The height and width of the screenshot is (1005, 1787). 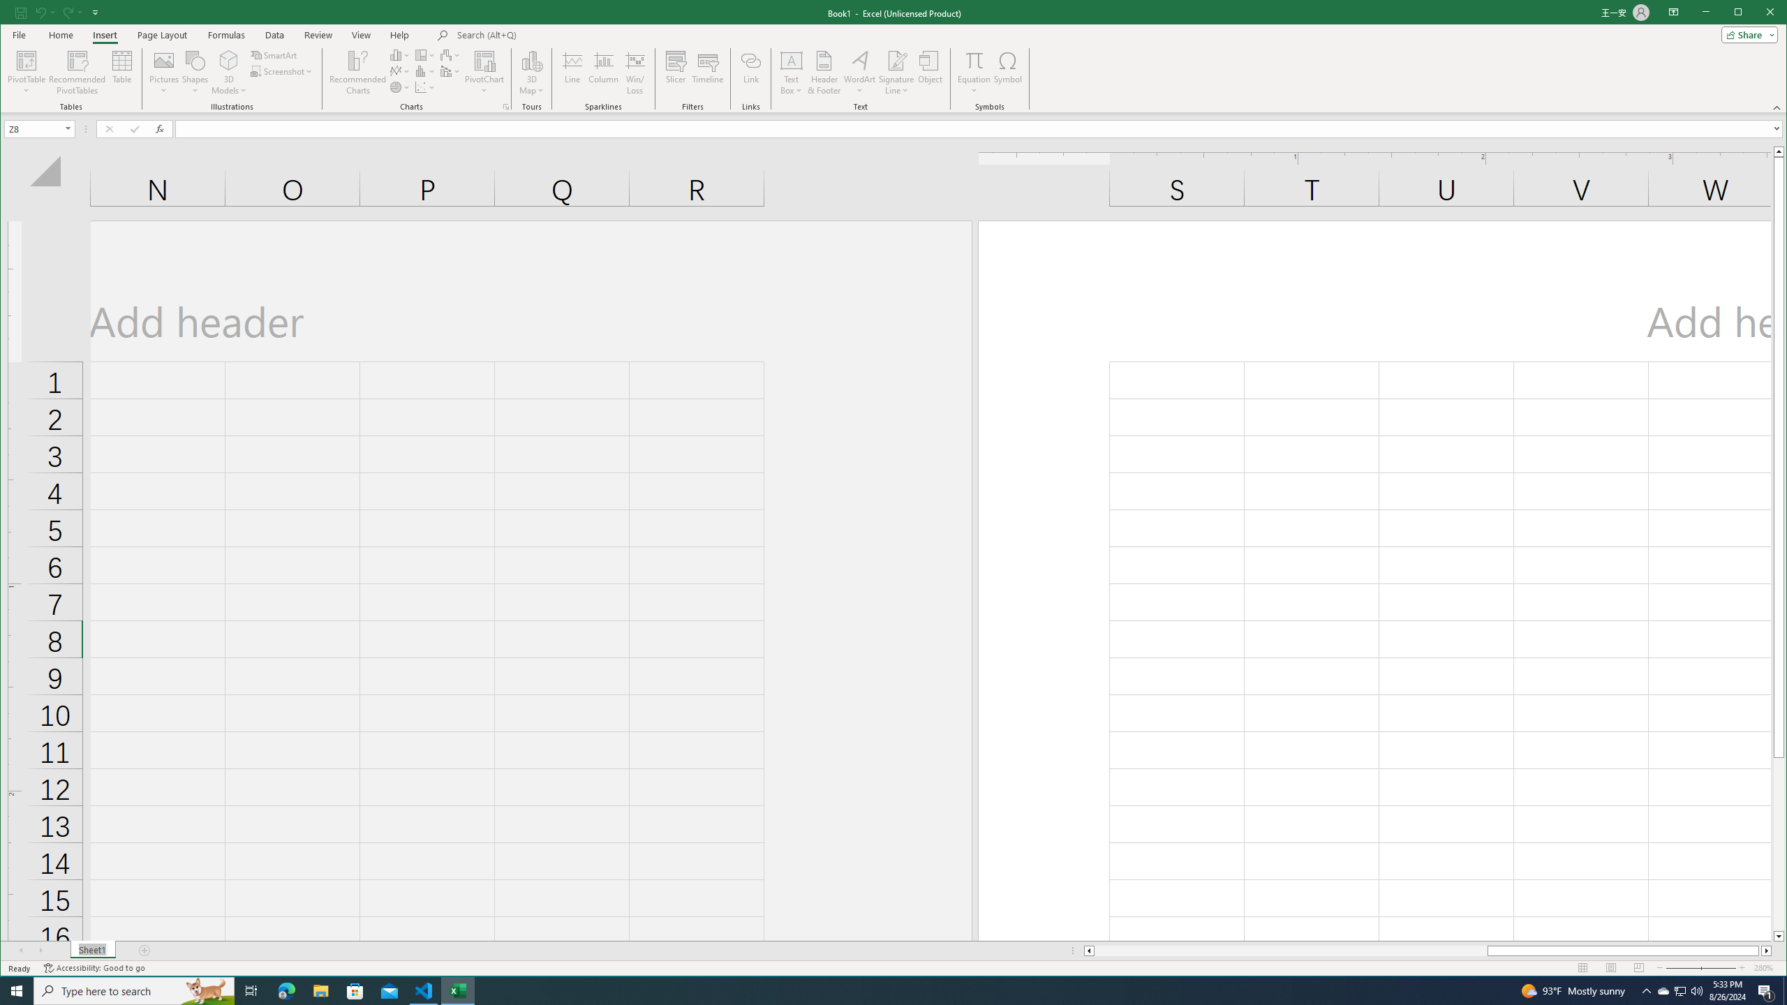 What do you see at coordinates (27, 59) in the screenshot?
I see `'PivotTable'` at bounding box center [27, 59].